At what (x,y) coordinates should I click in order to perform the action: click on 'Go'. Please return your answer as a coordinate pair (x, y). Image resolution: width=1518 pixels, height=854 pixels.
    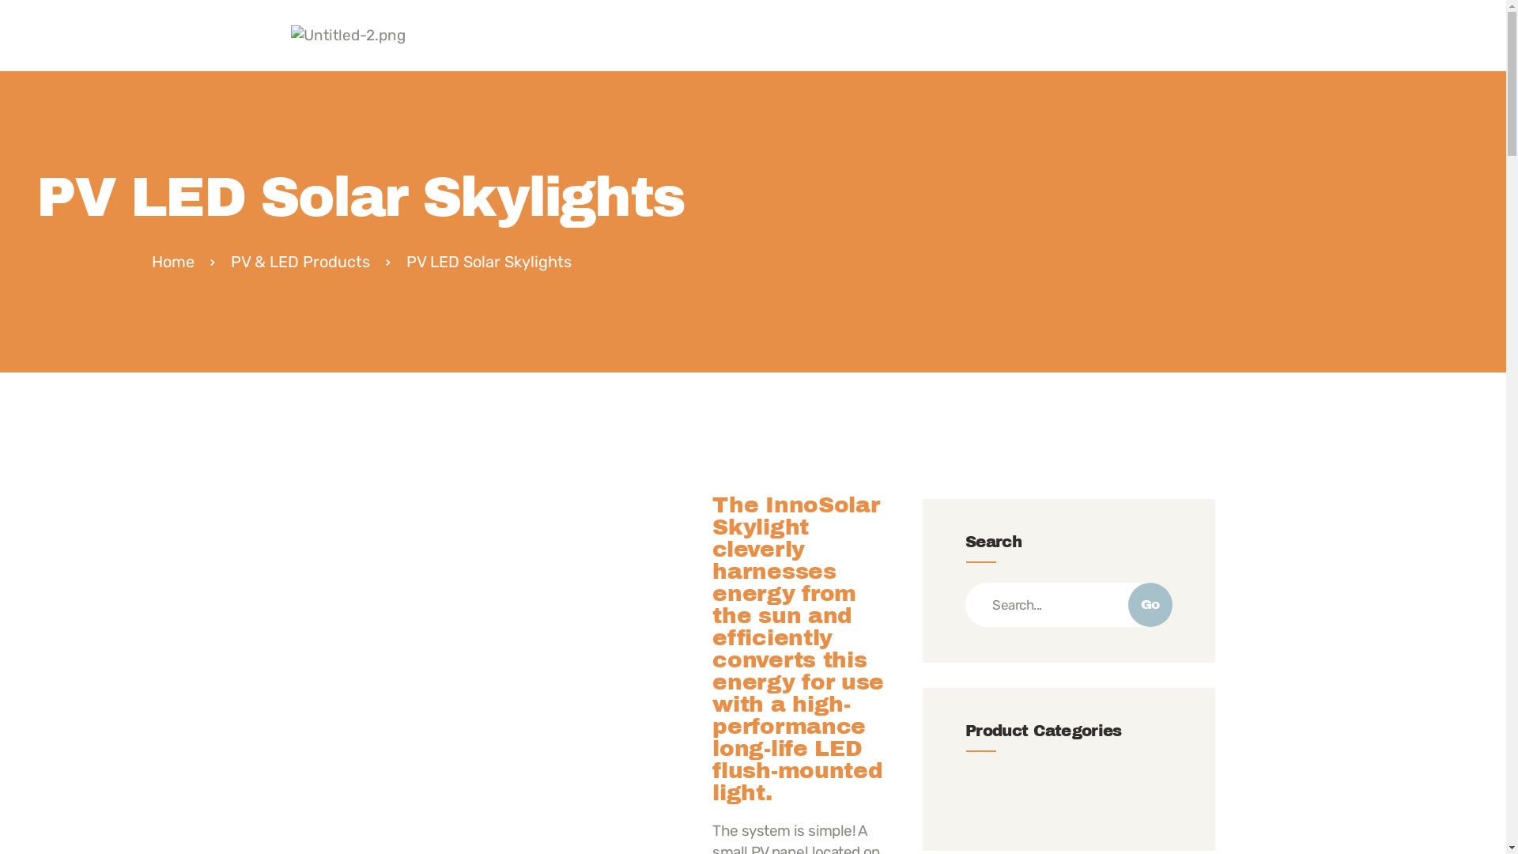
    Looking at the image, I should click on (1150, 604).